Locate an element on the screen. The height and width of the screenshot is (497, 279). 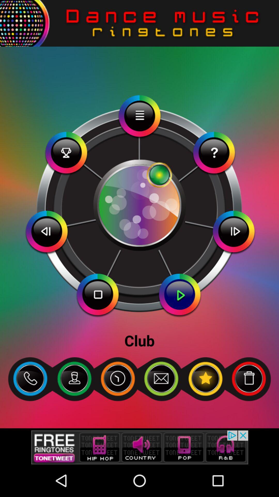
the call icon is located at coordinates (30, 405).